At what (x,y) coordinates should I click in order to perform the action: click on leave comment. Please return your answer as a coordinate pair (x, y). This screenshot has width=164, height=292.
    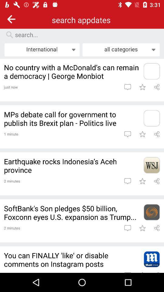
    Looking at the image, I should click on (127, 87).